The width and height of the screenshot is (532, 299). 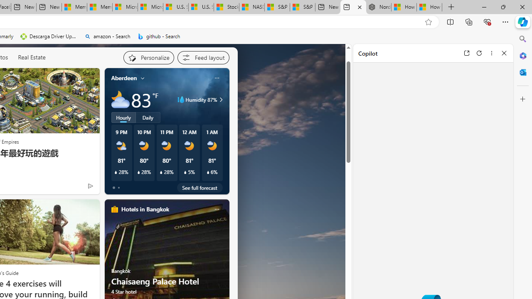 What do you see at coordinates (145, 208) in the screenshot?
I see `'Hotels in Bangkok'` at bounding box center [145, 208].